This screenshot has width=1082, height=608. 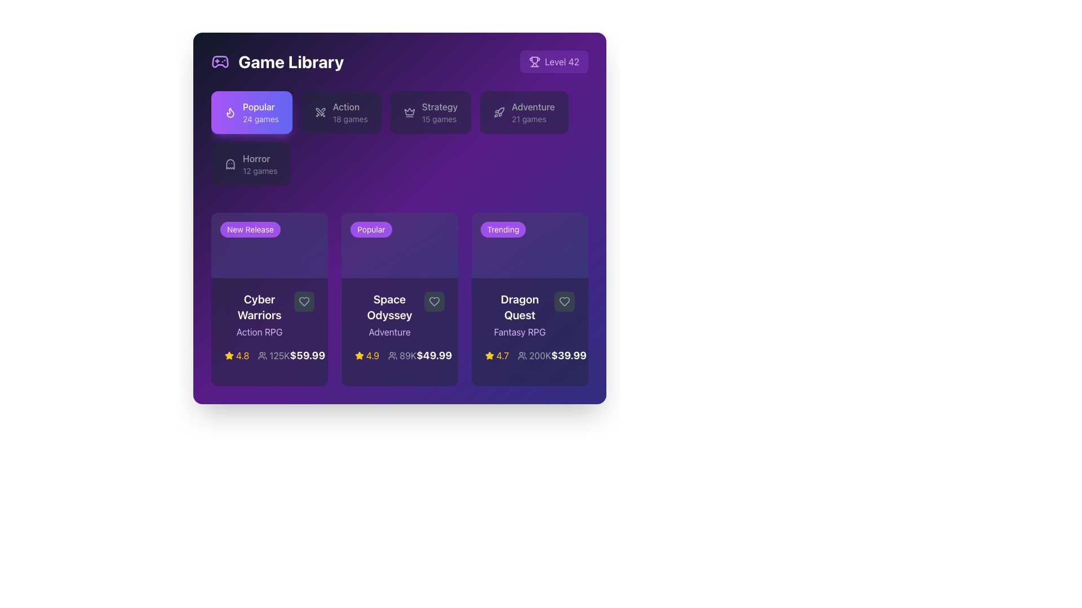 I want to click on the first button in the horizontal list of category buttons to filter for popular games, so click(x=251, y=113).